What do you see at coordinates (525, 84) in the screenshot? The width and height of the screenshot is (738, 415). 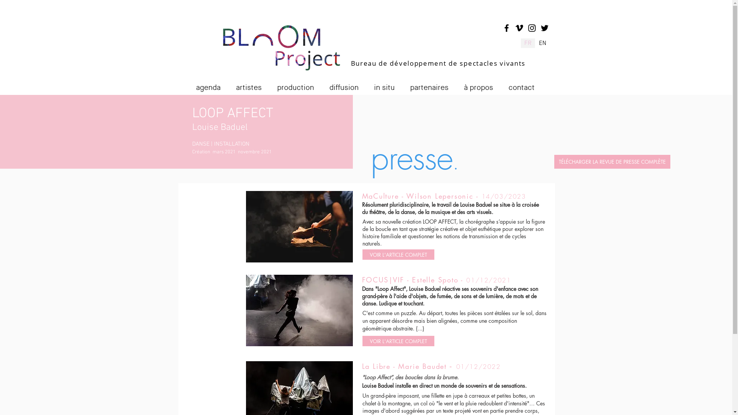 I see `'contact'` at bounding box center [525, 84].